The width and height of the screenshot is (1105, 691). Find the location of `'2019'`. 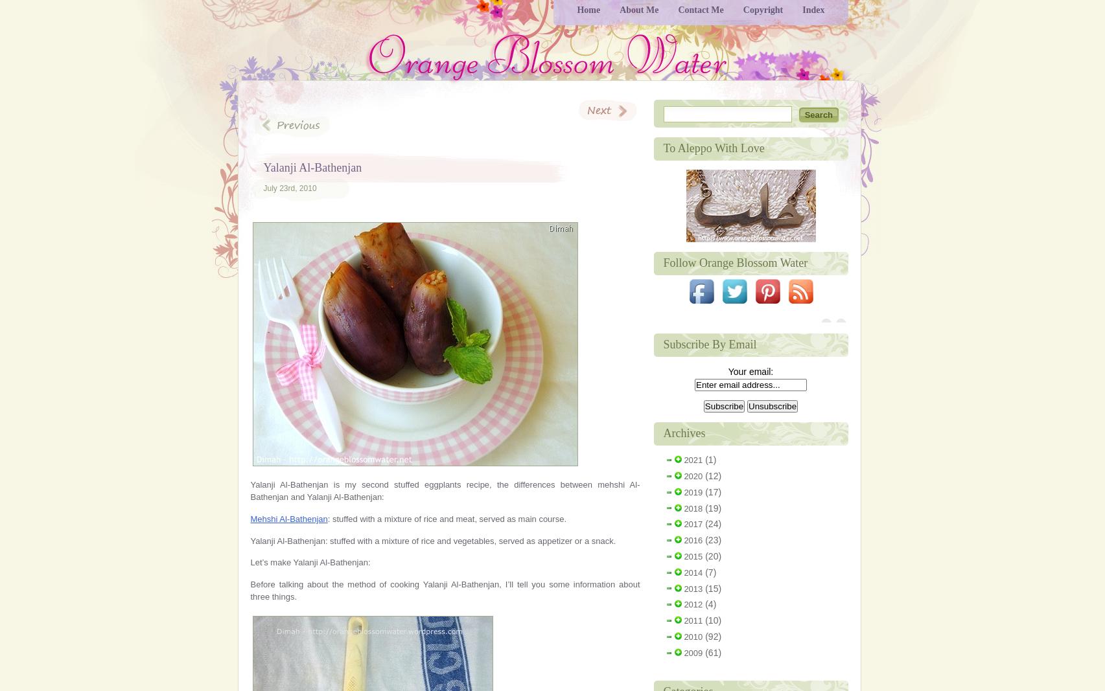

'2019' is located at coordinates (692, 491).